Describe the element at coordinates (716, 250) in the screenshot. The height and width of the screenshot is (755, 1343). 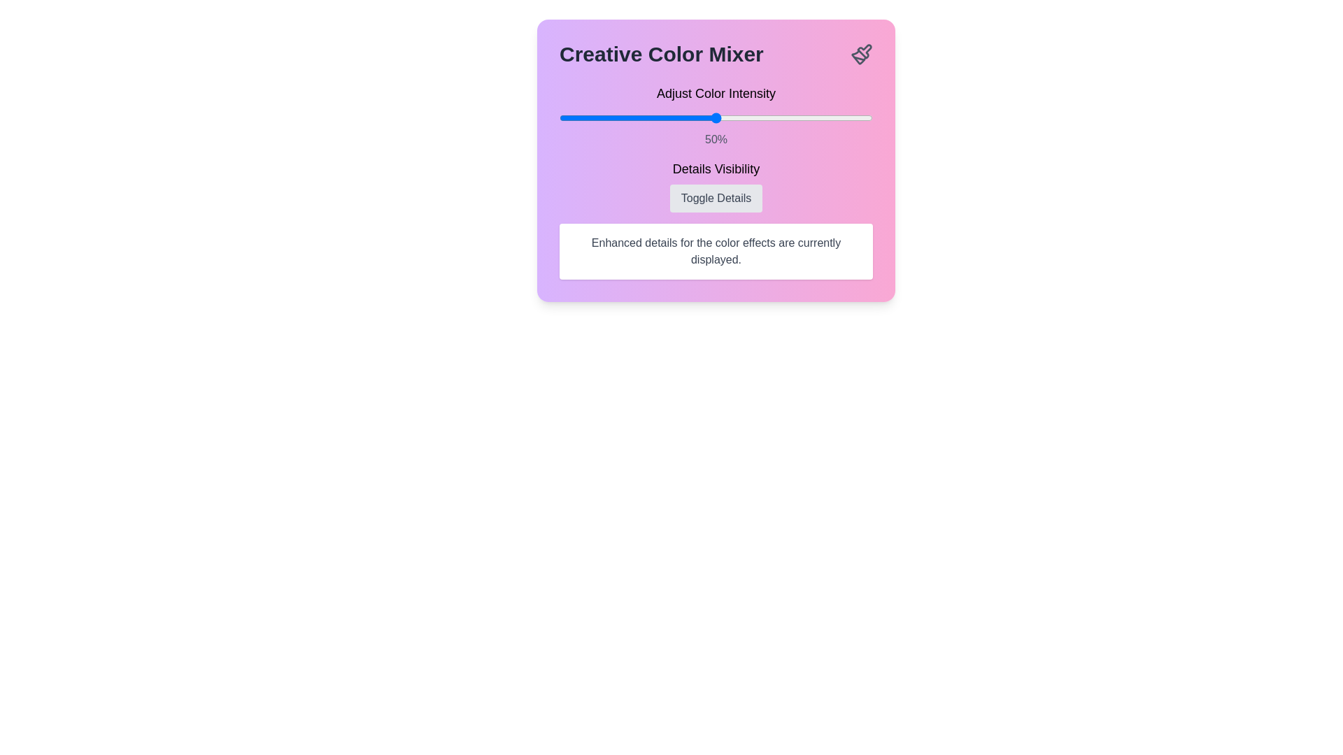
I see `the Text Block displaying 'Enhanced details for the color effects are currently displayed' in the 'Details Visibility' section of the 'Creative Color Mixer' UI` at that location.